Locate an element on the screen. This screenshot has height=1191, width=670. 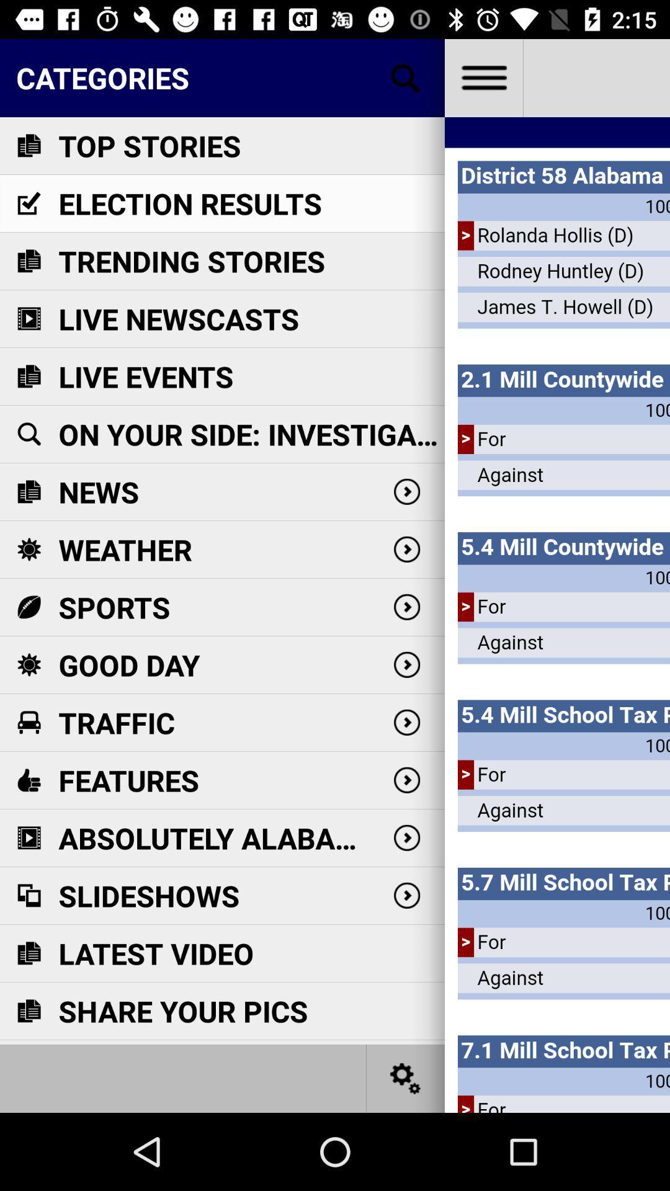
next button which is before sports option is located at coordinates (406, 607).